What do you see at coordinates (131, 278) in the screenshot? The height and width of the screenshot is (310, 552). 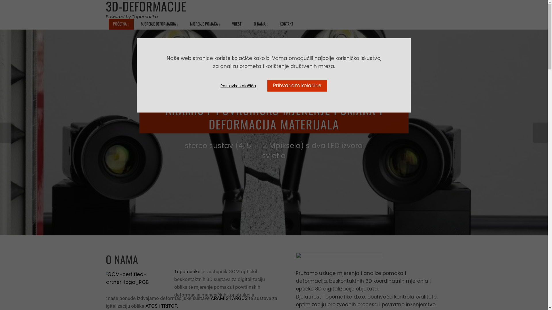 I see `'GOM-certified-partner-logo_RGB'` at bounding box center [131, 278].